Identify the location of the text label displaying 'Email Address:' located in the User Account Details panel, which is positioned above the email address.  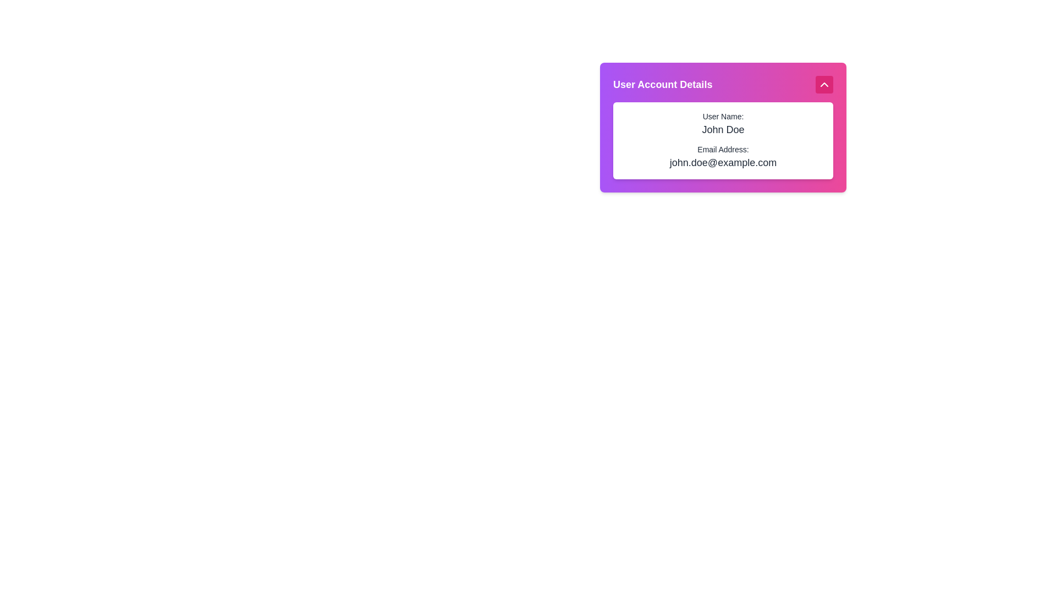
(723, 150).